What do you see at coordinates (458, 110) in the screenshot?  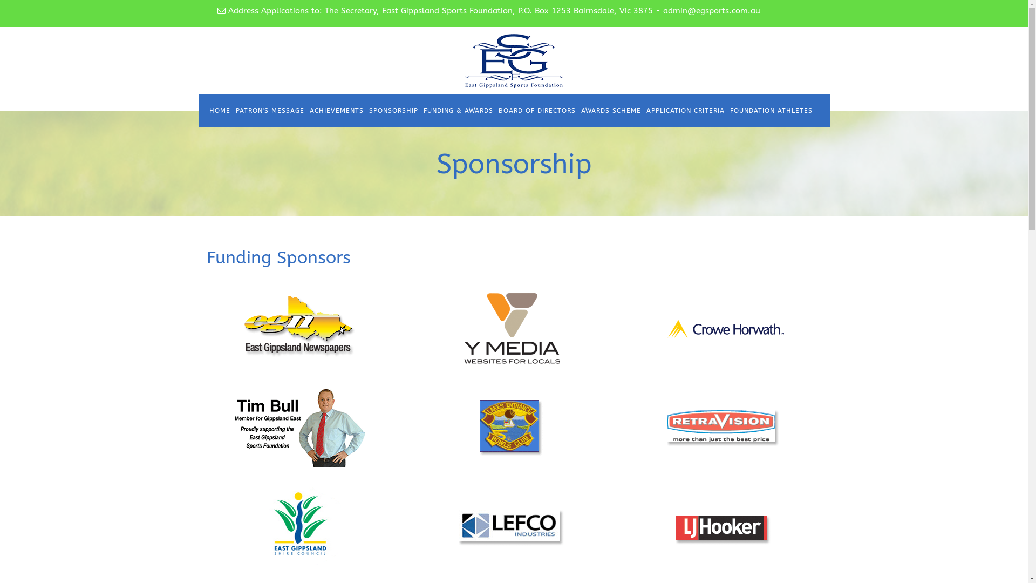 I see `'FUNDING & AWARDS'` at bounding box center [458, 110].